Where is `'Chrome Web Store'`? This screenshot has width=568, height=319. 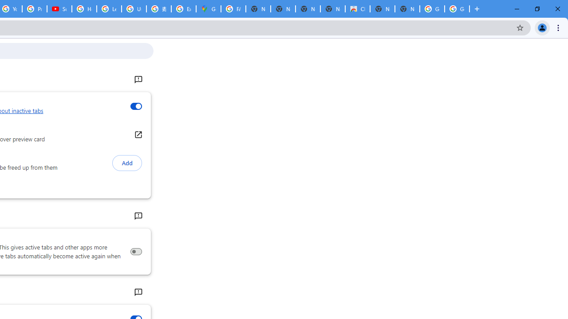
'Chrome Web Store' is located at coordinates (358, 9).